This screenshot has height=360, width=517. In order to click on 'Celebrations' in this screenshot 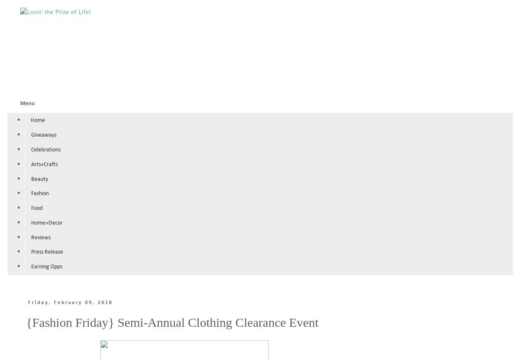, I will do `click(46, 149)`.